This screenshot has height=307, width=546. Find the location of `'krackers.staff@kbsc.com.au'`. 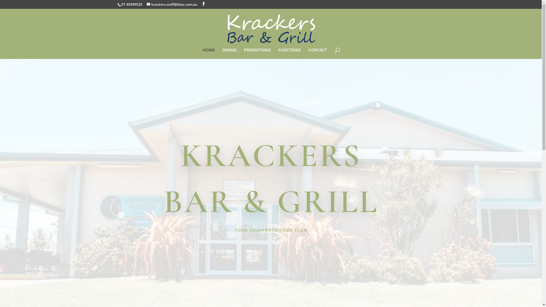

'krackers.staff@kbsc.com.au' is located at coordinates (171, 4).